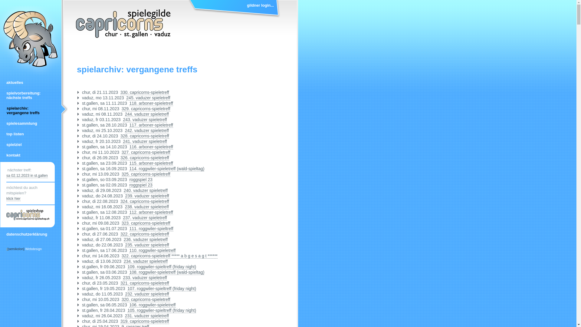 The image size is (581, 327). What do you see at coordinates (124, 114) in the screenshot?
I see `'244. vaduzer spieletreff'` at bounding box center [124, 114].